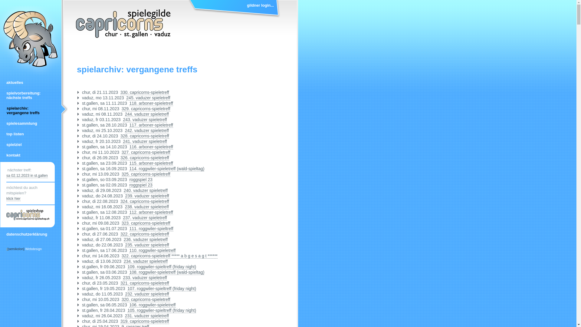 The image size is (581, 327). What do you see at coordinates (124, 114) in the screenshot?
I see `'244. vaduzer spieletreff'` at bounding box center [124, 114].